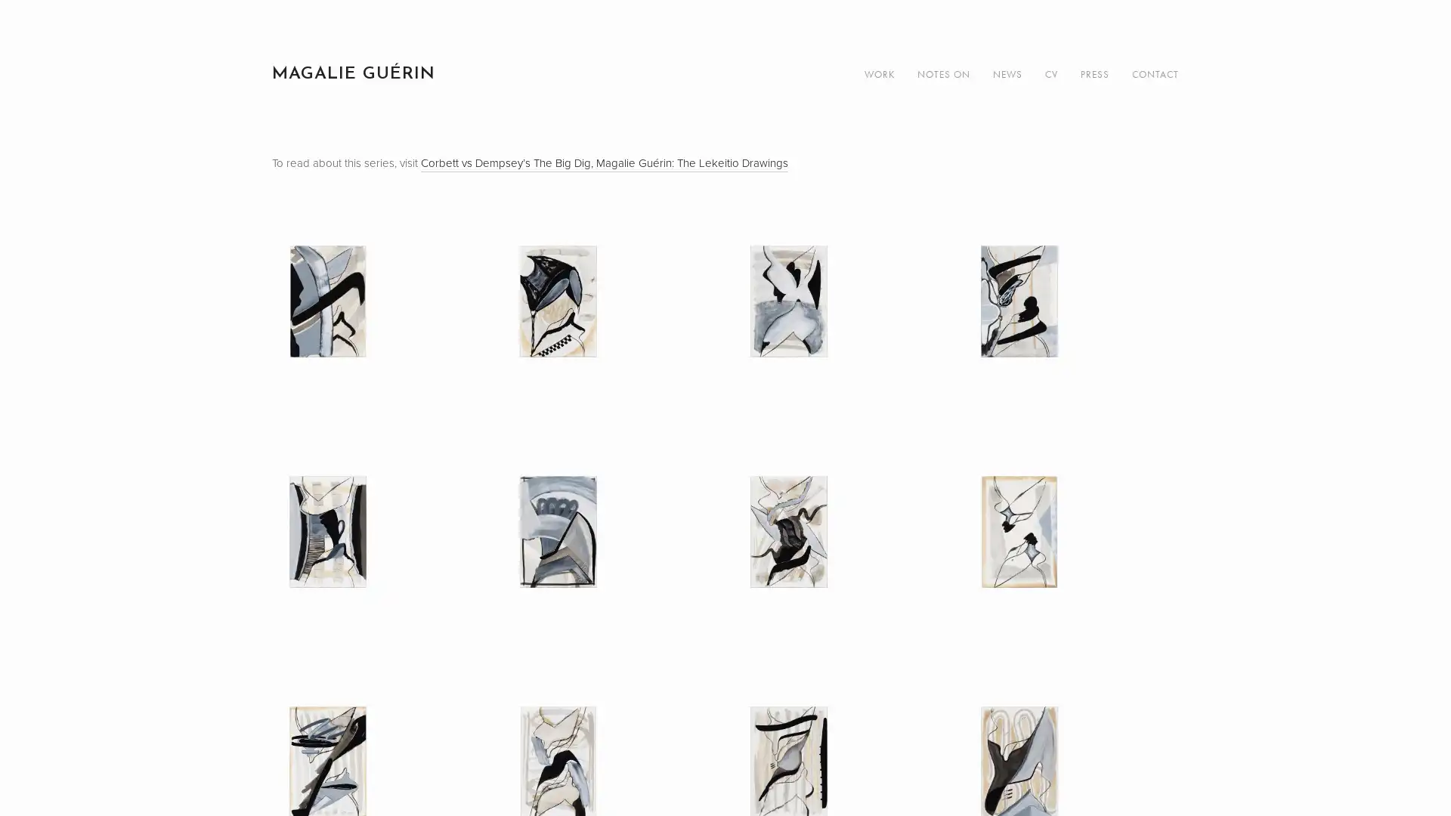 The height and width of the screenshot is (816, 1451). I want to click on View fullsize Untitled (LK 02), 2019, so click(610, 353).